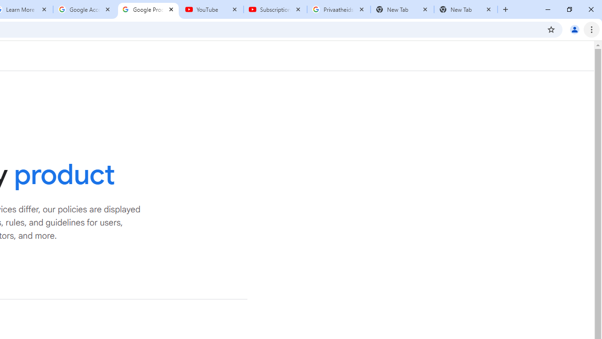 This screenshot has height=339, width=602. Describe the element at coordinates (275, 9) in the screenshot. I see `'Subscriptions - YouTube'` at that location.